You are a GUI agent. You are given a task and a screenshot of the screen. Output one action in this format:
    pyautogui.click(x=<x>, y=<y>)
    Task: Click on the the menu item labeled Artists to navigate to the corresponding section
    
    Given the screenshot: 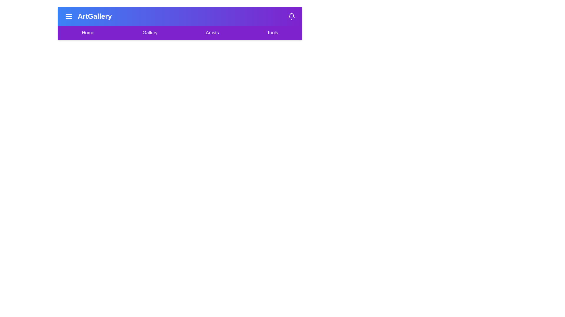 What is the action you would take?
    pyautogui.click(x=212, y=33)
    